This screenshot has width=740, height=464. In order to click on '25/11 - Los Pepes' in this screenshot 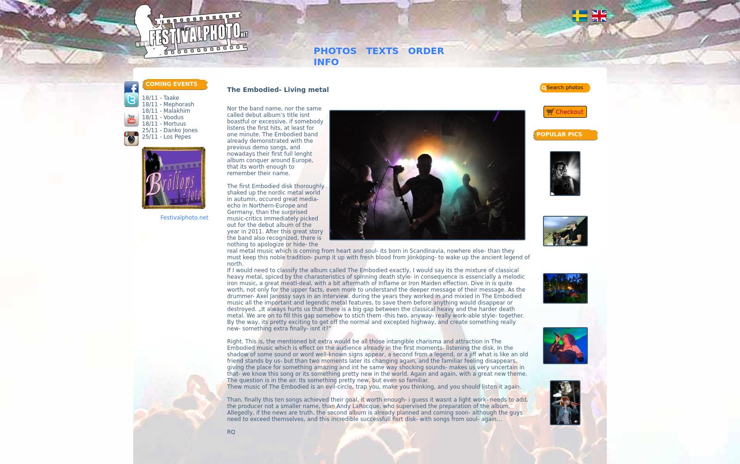, I will do `click(166, 136)`.